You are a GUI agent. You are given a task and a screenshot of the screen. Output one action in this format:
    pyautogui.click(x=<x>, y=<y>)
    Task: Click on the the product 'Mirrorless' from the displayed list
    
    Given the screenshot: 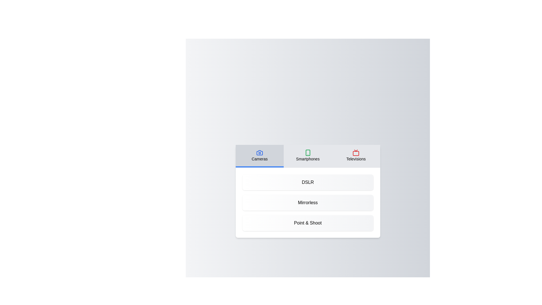 What is the action you would take?
    pyautogui.click(x=307, y=202)
    